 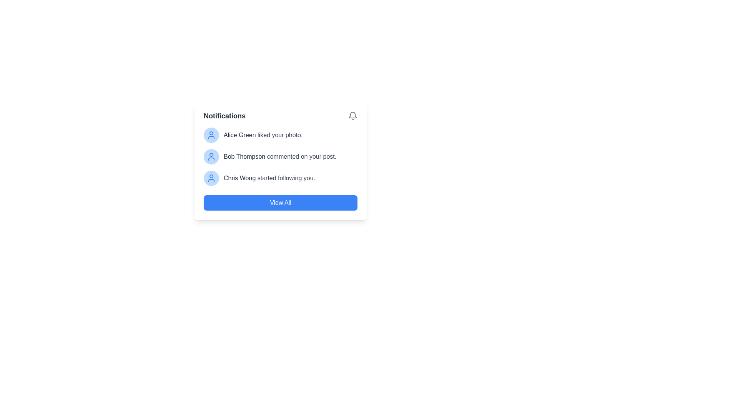 I want to click on the first notification entry in the notification list that notifies the user of an interaction involving 'Alice Green' and 'your photo', so click(x=263, y=134).